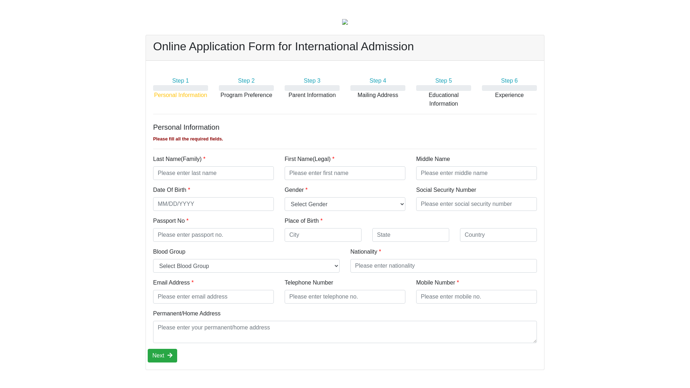 The image size is (690, 388). What do you see at coordinates (162, 356) in the screenshot?
I see `'Next  '` at bounding box center [162, 356].